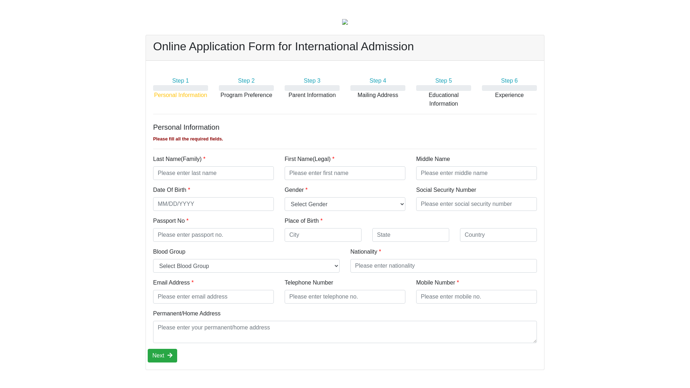 The image size is (690, 388). What do you see at coordinates (162, 356) in the screenshot?
I see `'Next  '` at bounding box center [162, 356].